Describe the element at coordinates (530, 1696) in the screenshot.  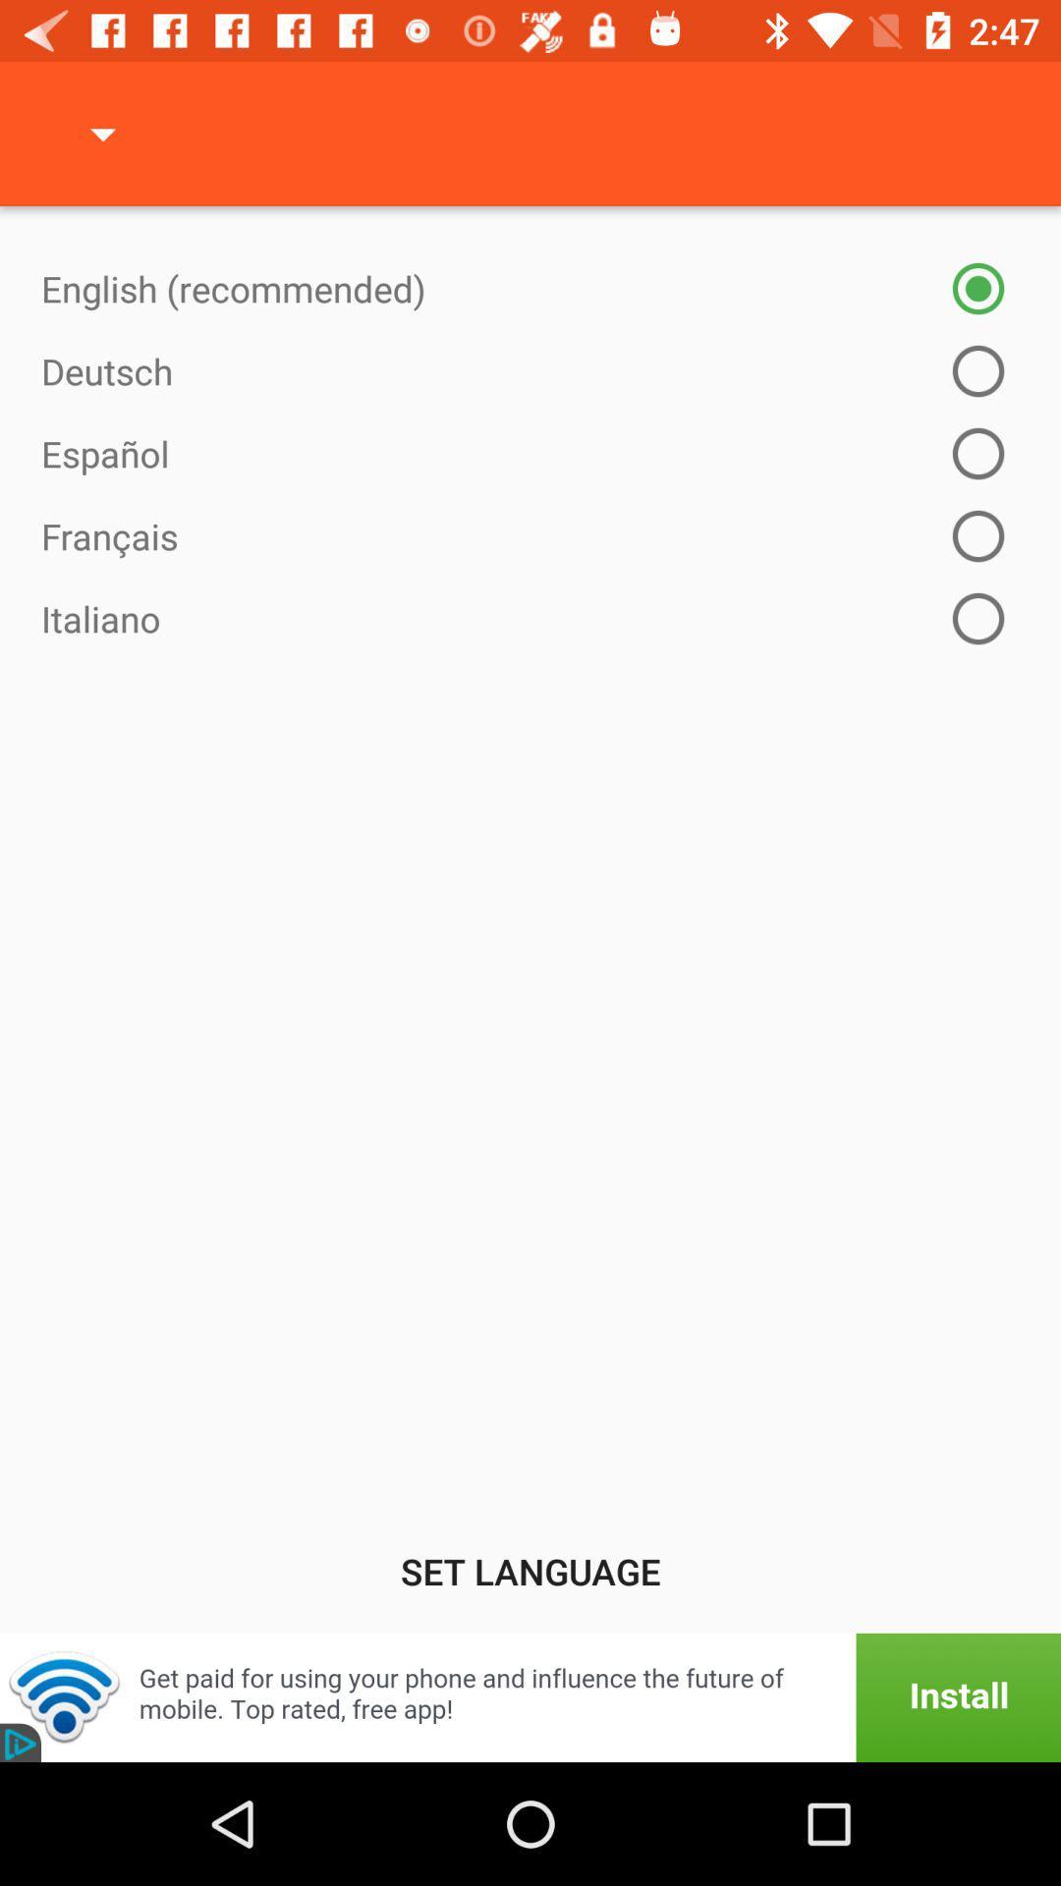
I see `item below set language icon` at that location.